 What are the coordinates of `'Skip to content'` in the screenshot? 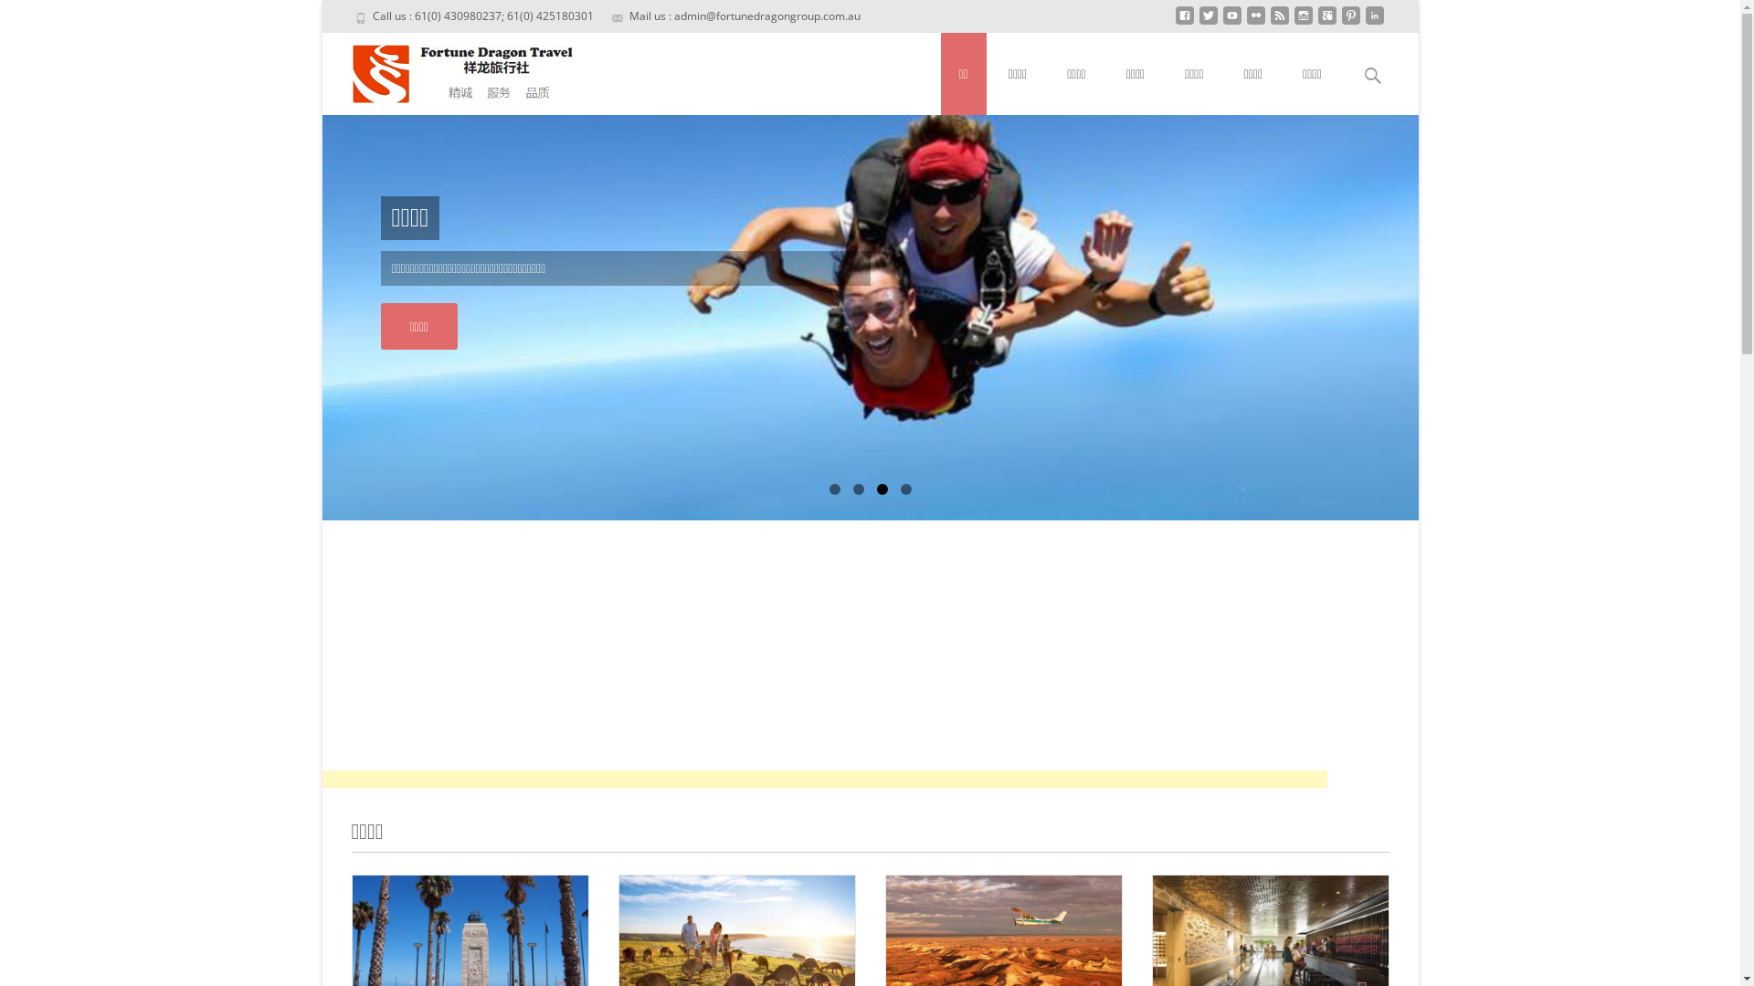 It's located at (941, 43).